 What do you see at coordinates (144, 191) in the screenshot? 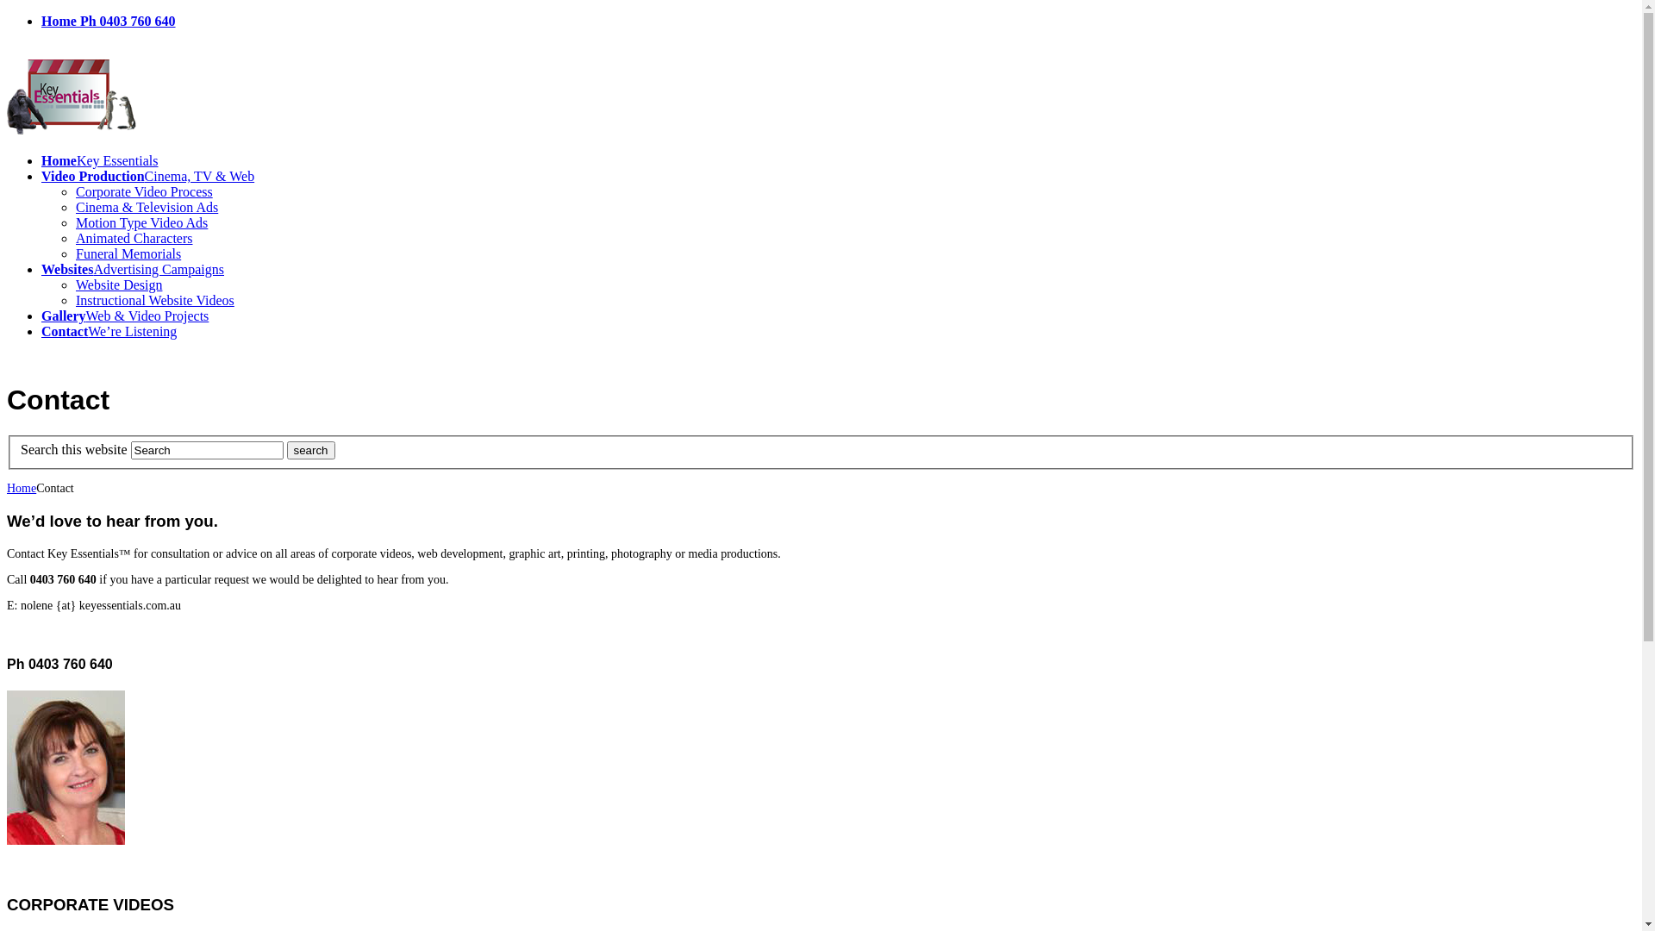
I see `'Corporate Video Process'` at bounding box center [144, 191].